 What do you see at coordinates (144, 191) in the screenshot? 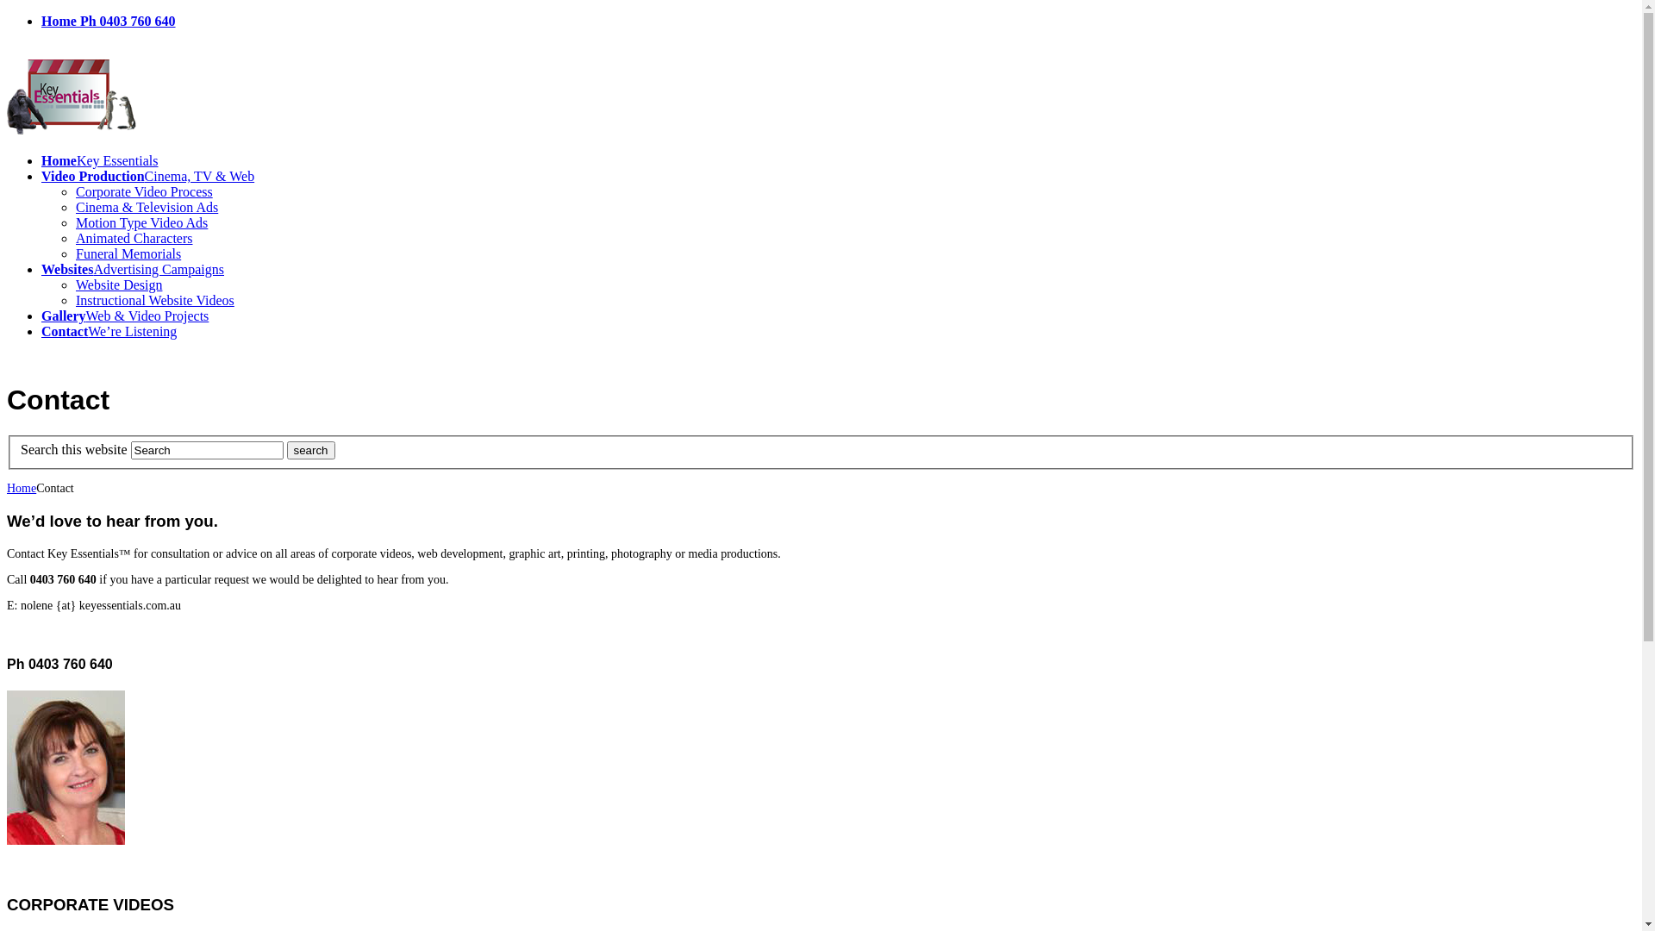
I see `'Corporate Video Process'` at bounding box center [144, 191].